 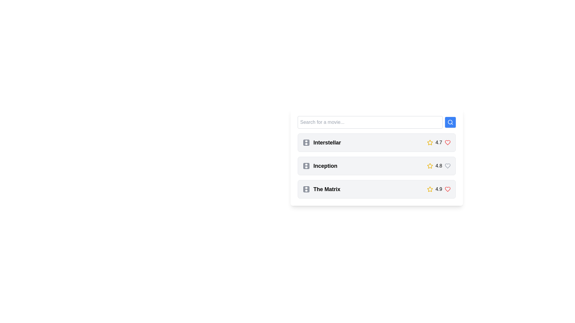 I want to click on the SVG Rectangle that visually represents the 'film' icon associated with the movie 'The Matrix', so click(x=306, y=189).